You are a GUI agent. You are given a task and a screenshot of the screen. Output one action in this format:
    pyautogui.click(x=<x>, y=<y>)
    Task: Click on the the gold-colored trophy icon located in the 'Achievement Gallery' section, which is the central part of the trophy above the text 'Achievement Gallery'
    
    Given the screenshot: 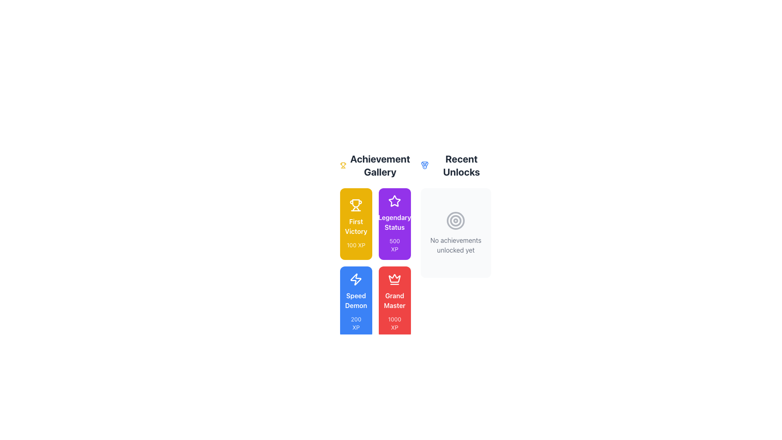 What is the action you would take?
    pyautogui.click(x=356, y=203)
    